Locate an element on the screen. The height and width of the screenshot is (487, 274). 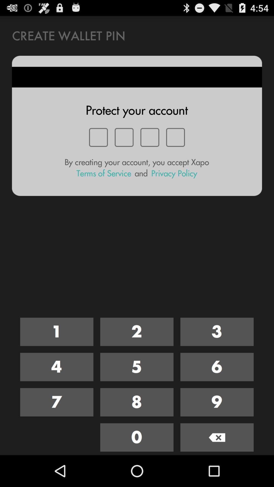
item to the right of and is located at coordinates (174, 173).